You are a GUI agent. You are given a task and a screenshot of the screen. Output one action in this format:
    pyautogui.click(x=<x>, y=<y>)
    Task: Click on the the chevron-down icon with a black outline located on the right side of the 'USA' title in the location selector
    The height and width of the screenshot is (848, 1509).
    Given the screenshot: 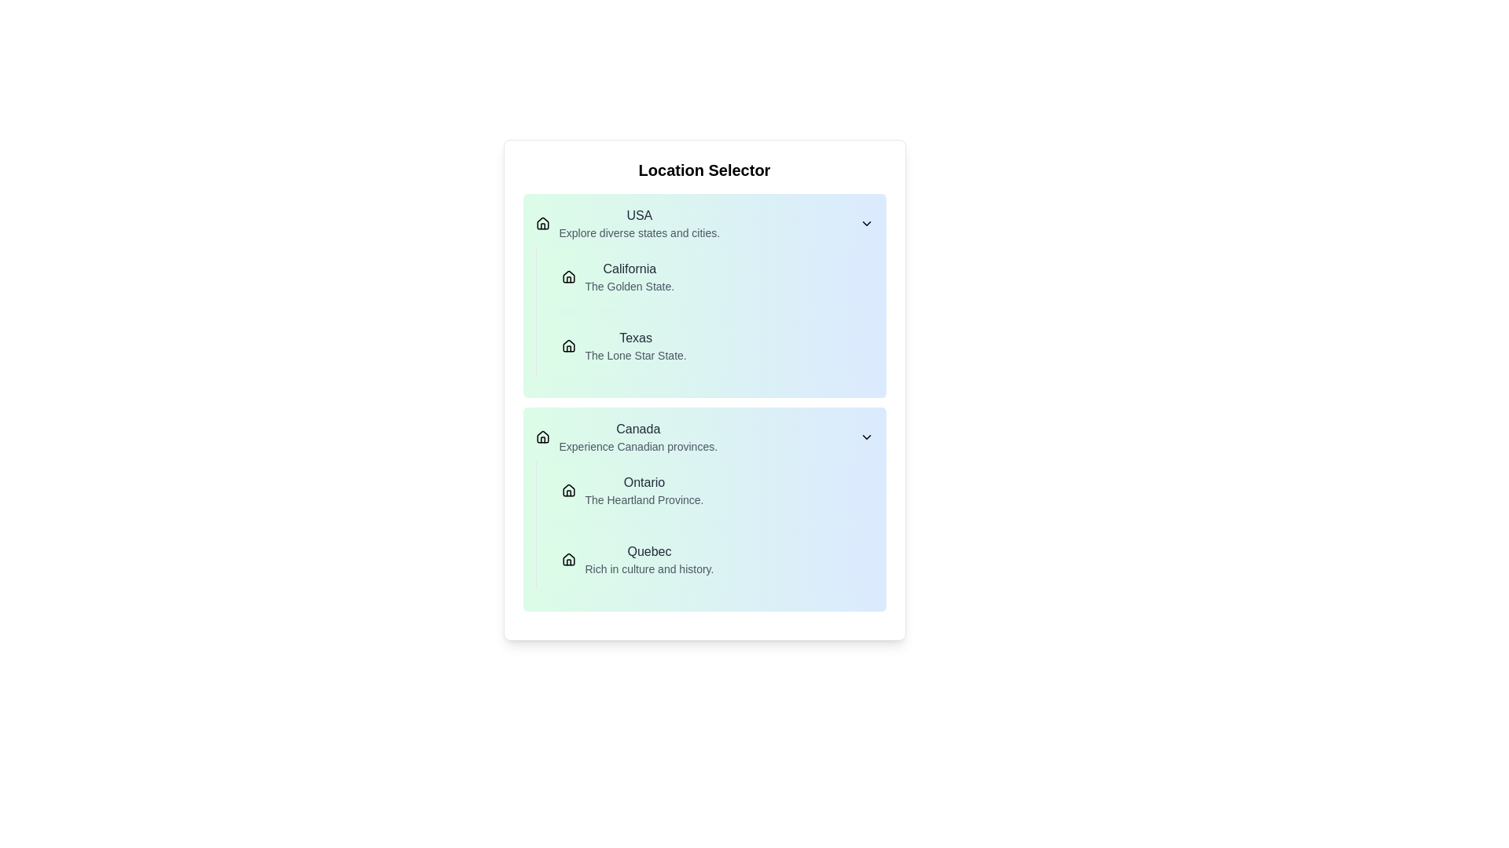 What is the action you would take?
    pyautogui.click(x=865, y=224)
    